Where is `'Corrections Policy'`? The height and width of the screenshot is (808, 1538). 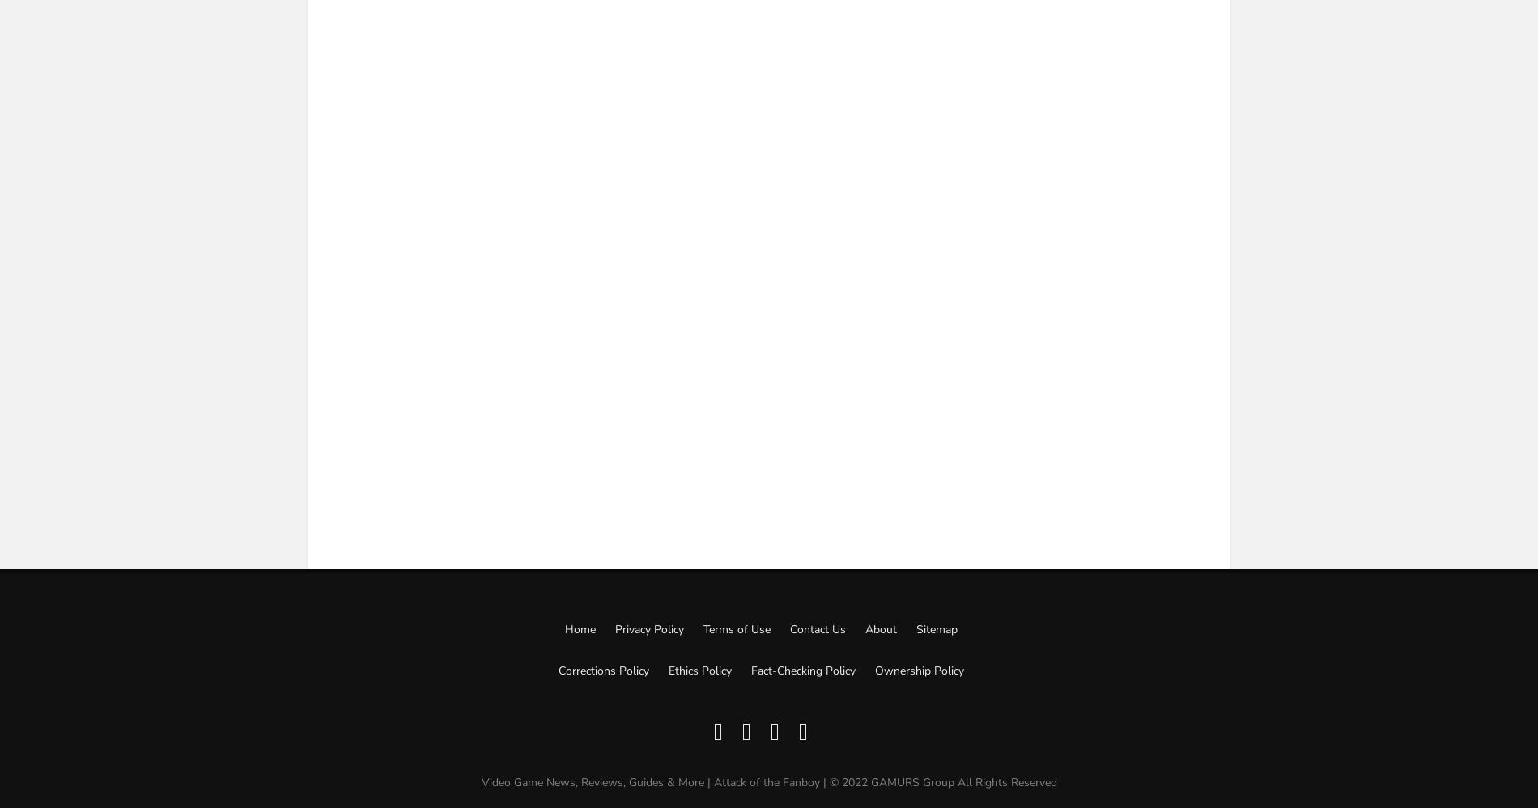
'Corrections Policy' is located at coordinates (601, 670).